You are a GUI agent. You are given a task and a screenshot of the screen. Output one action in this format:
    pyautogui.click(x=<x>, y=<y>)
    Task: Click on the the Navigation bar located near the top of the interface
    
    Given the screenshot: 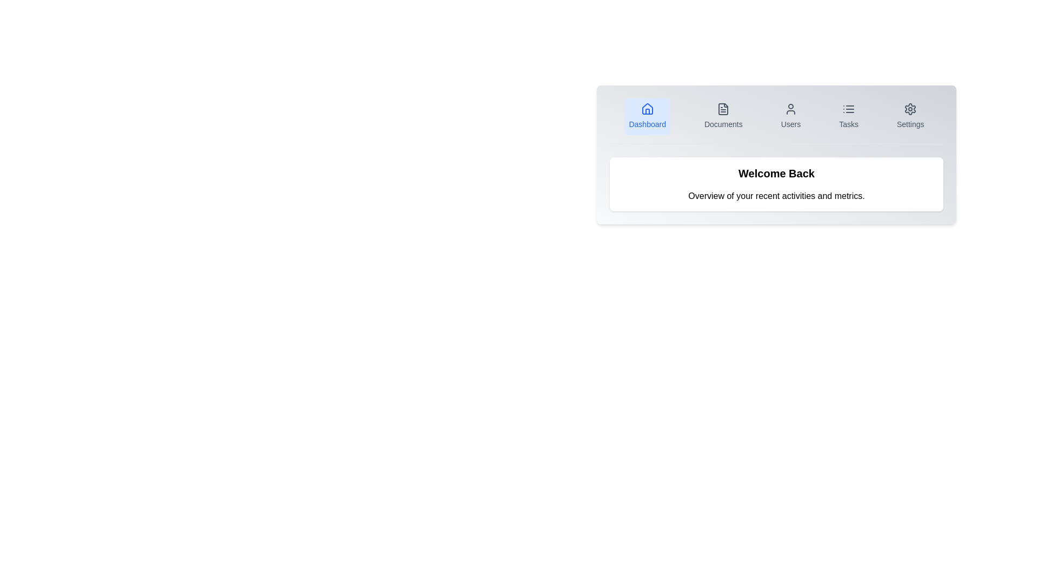 What is the action you would take?
    pyautogui.click(x=776, y=121)
    